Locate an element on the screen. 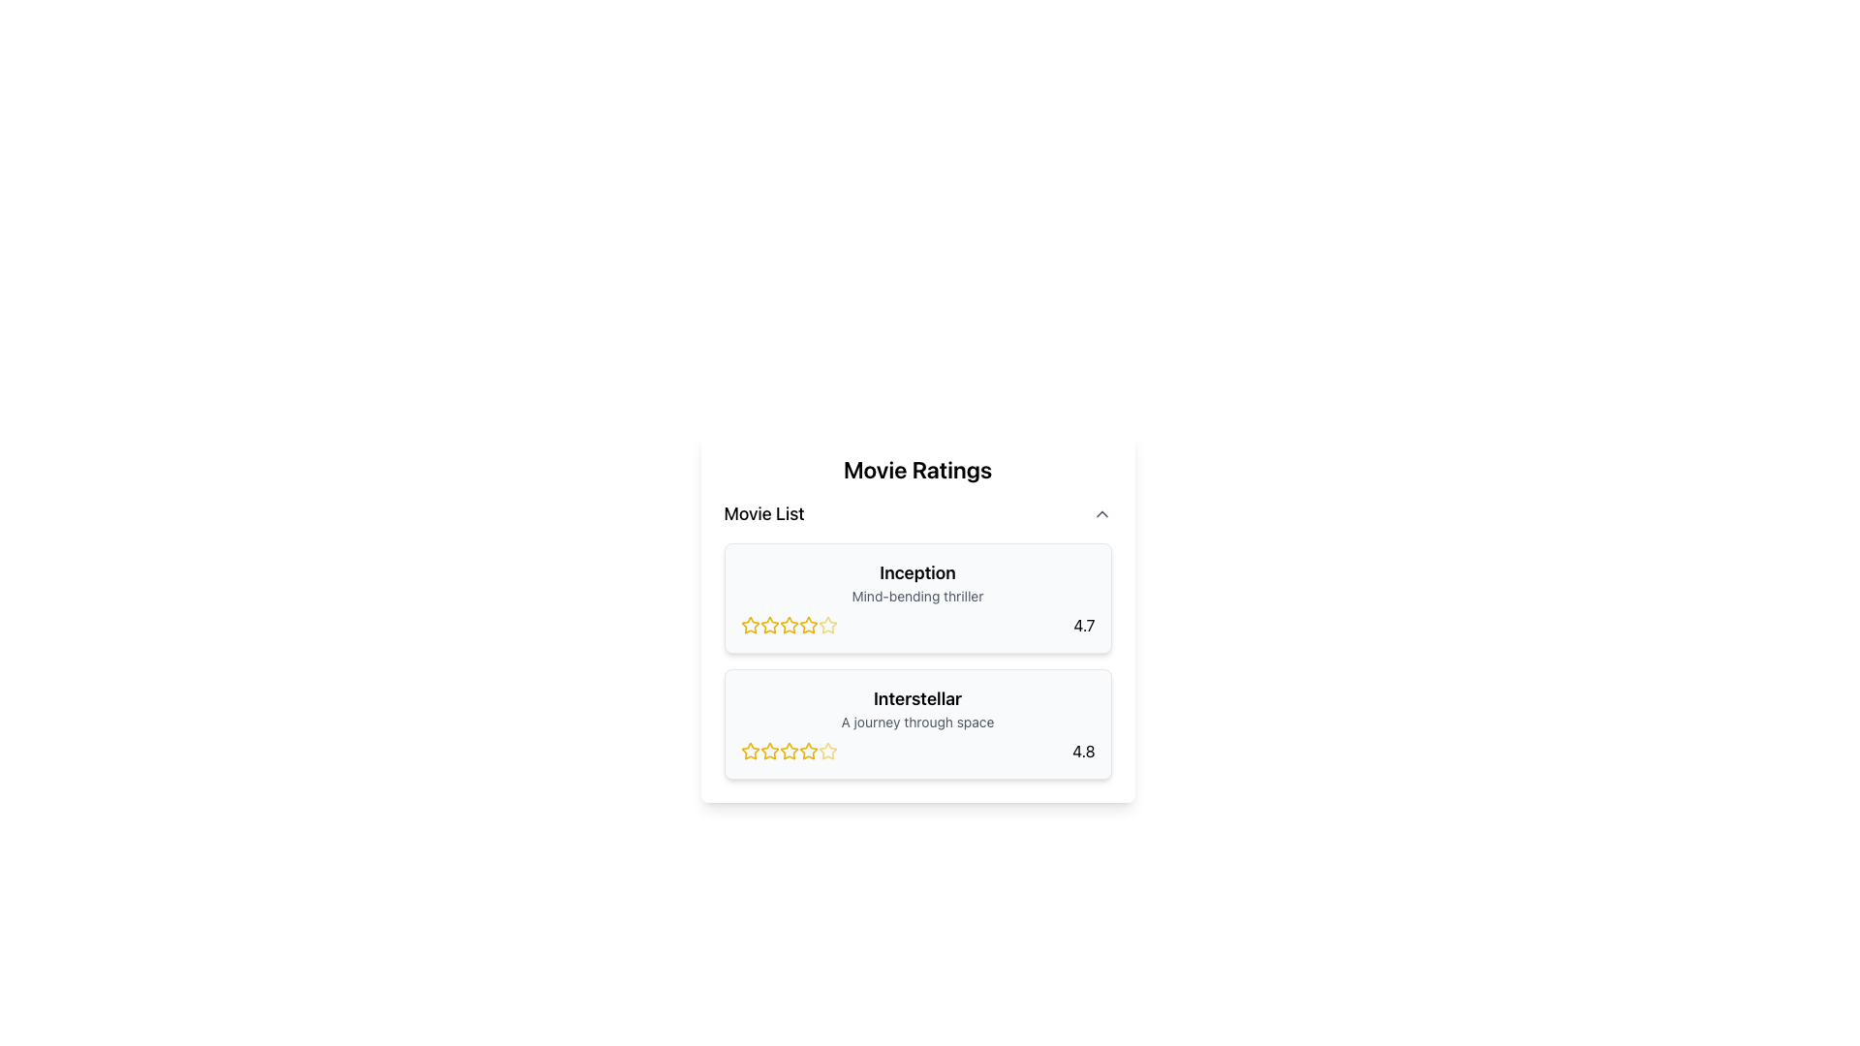 This screenshot has height=1046, width=1860. the title text element displaying 'Interstellar' in the movie information card, which is positioned above the subtitle and rating details is located at coordinates (916, 698).